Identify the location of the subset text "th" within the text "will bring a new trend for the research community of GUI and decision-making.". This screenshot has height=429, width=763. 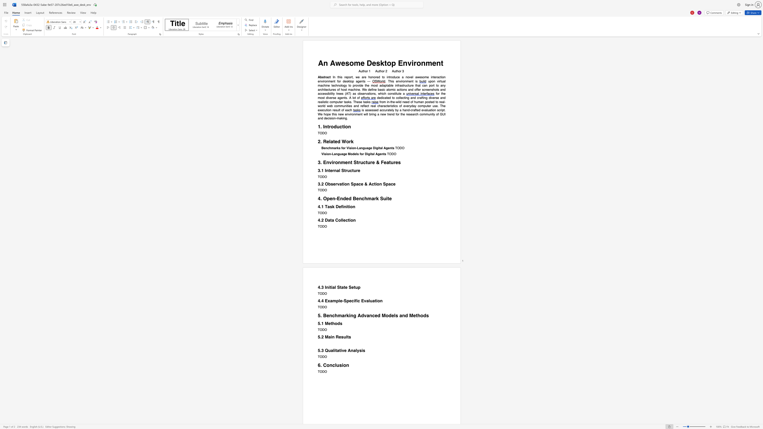
(400, 114).